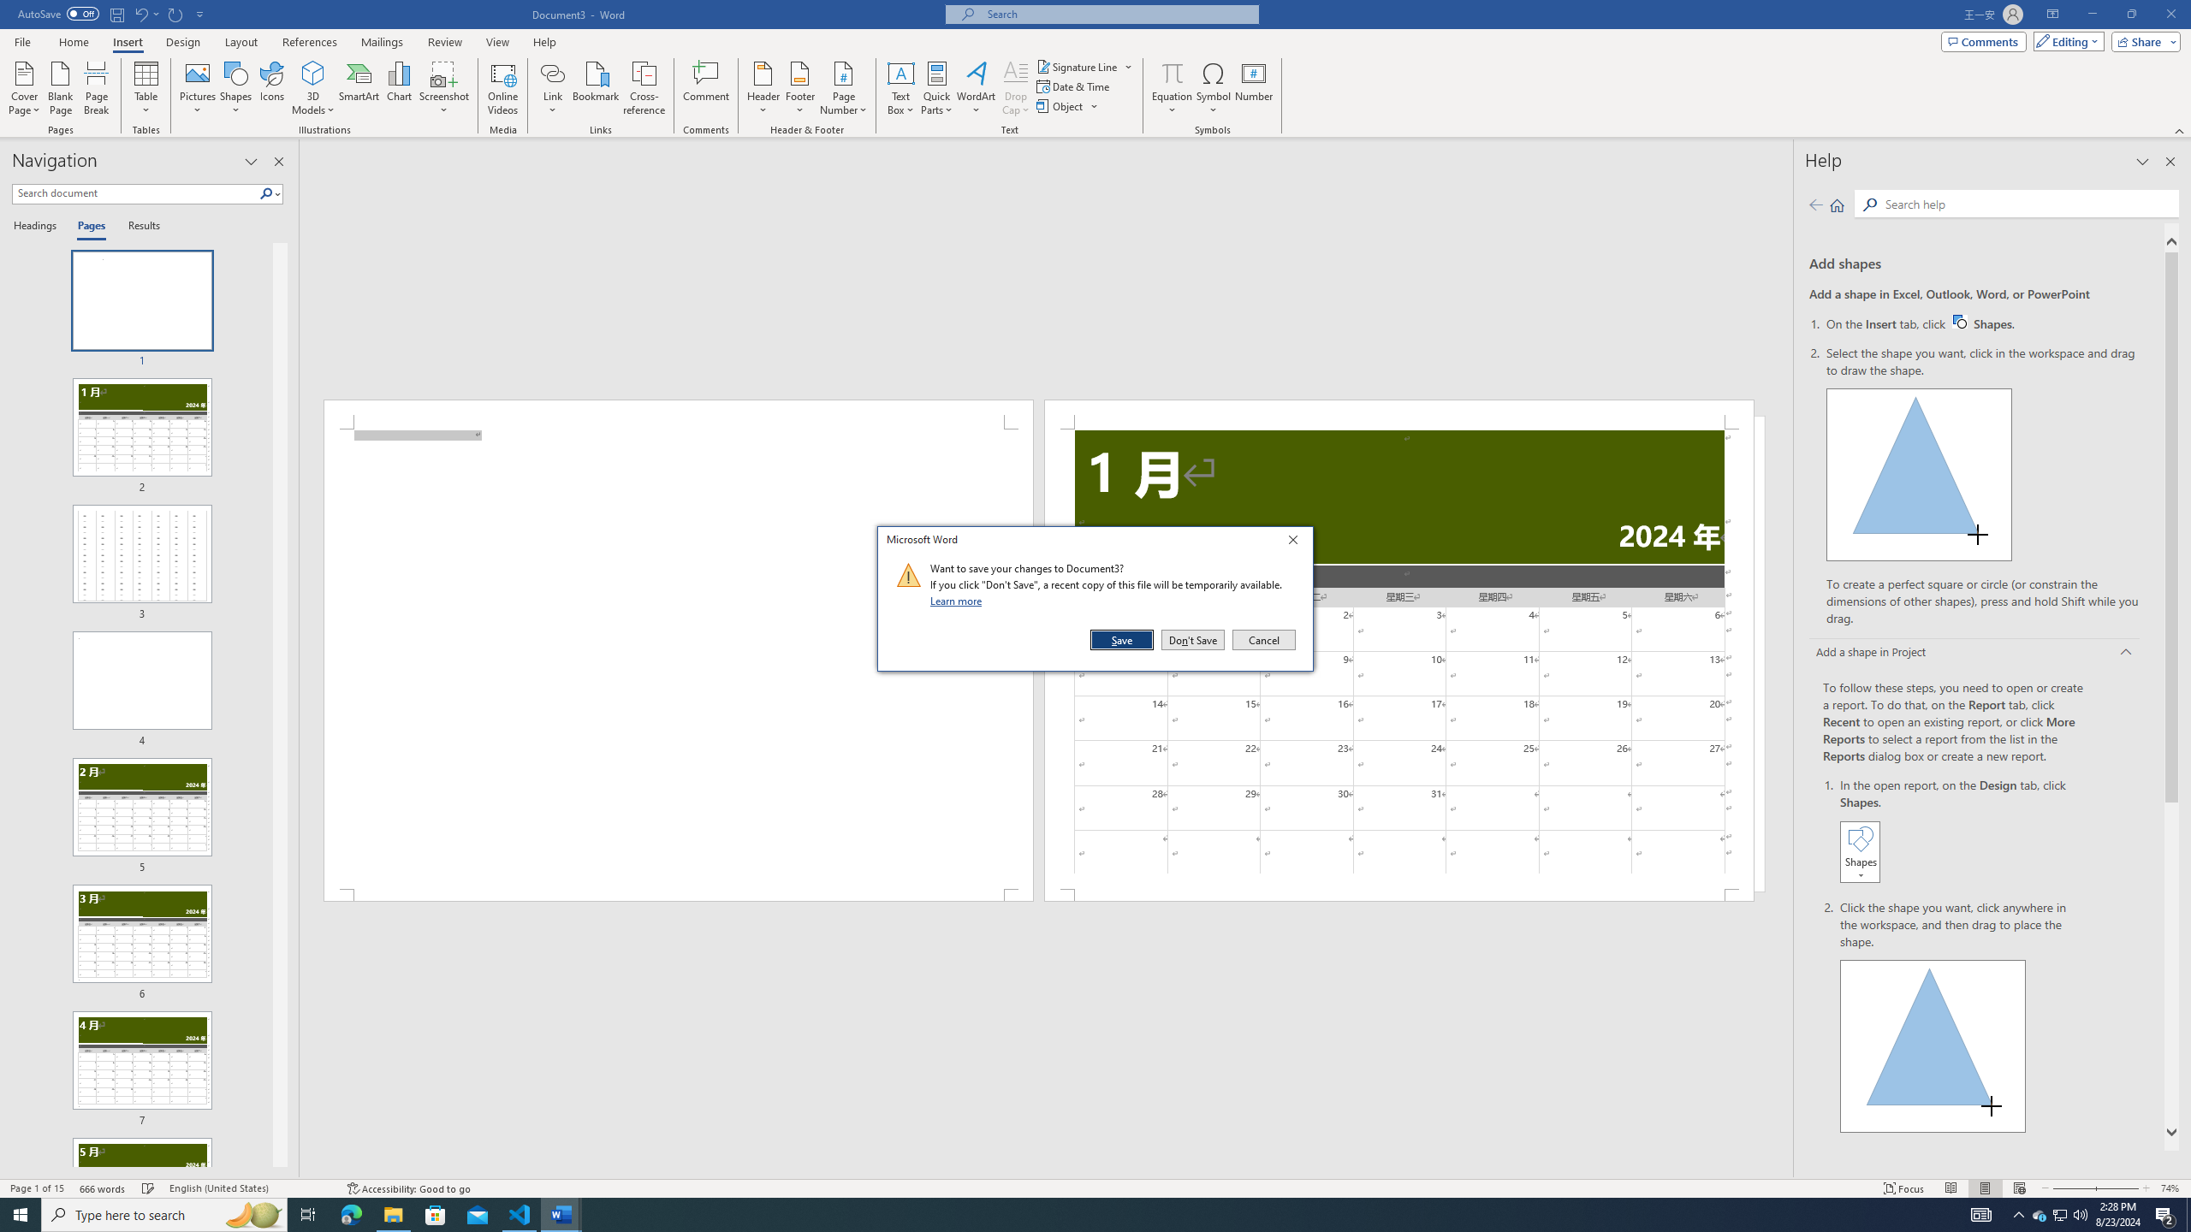  What do you see at coordinates (1214, 88) in the screenshot?
I see `'Symbol'` at bounding box center [1214, 88].